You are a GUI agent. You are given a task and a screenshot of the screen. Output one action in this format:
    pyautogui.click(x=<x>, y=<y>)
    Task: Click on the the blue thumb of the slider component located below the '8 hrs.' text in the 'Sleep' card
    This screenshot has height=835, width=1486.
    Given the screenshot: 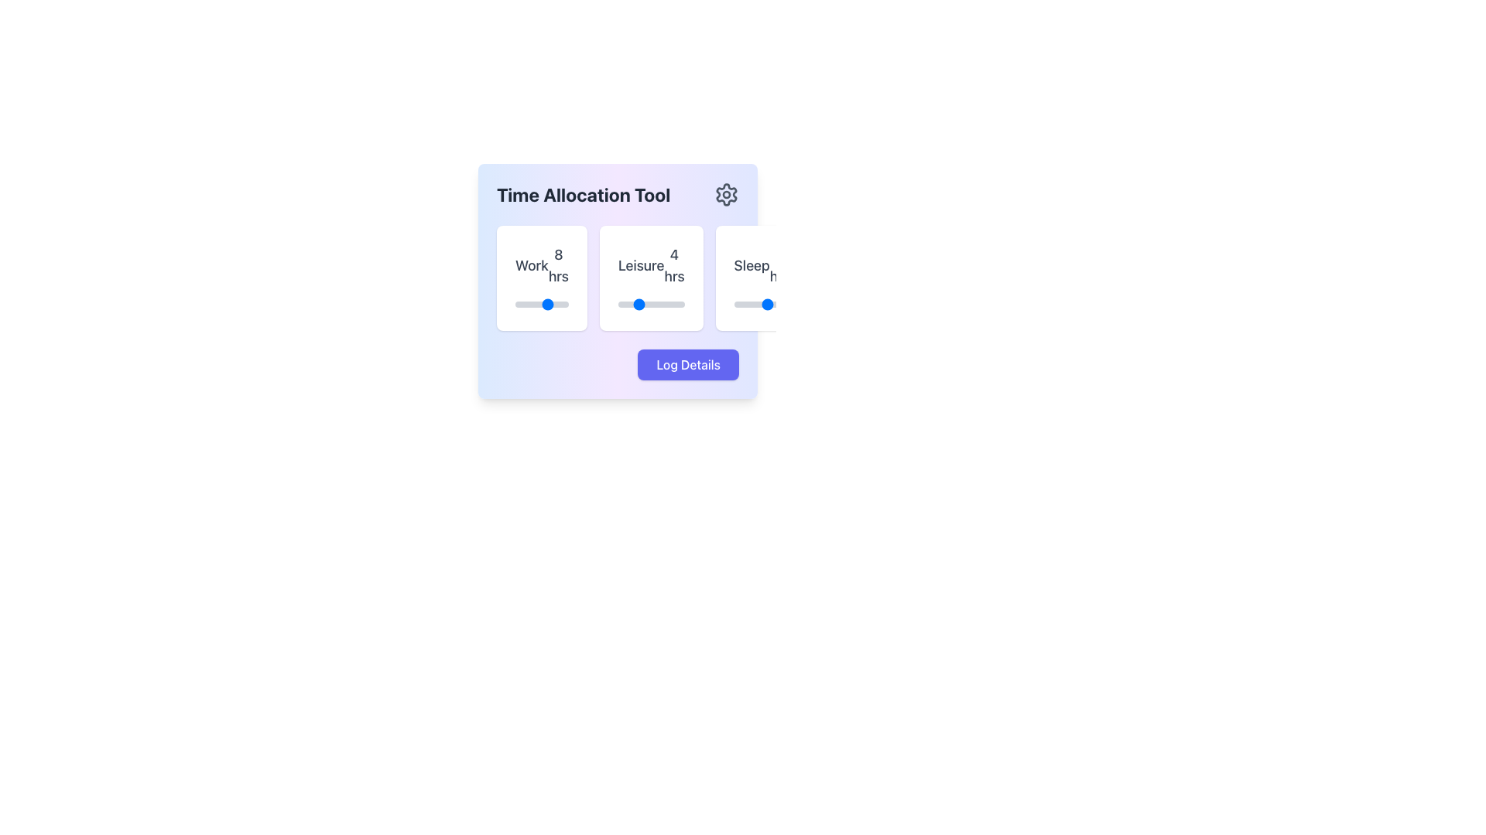 What is the action you would take?
    pyautogui.click(x=762, y=304)
    